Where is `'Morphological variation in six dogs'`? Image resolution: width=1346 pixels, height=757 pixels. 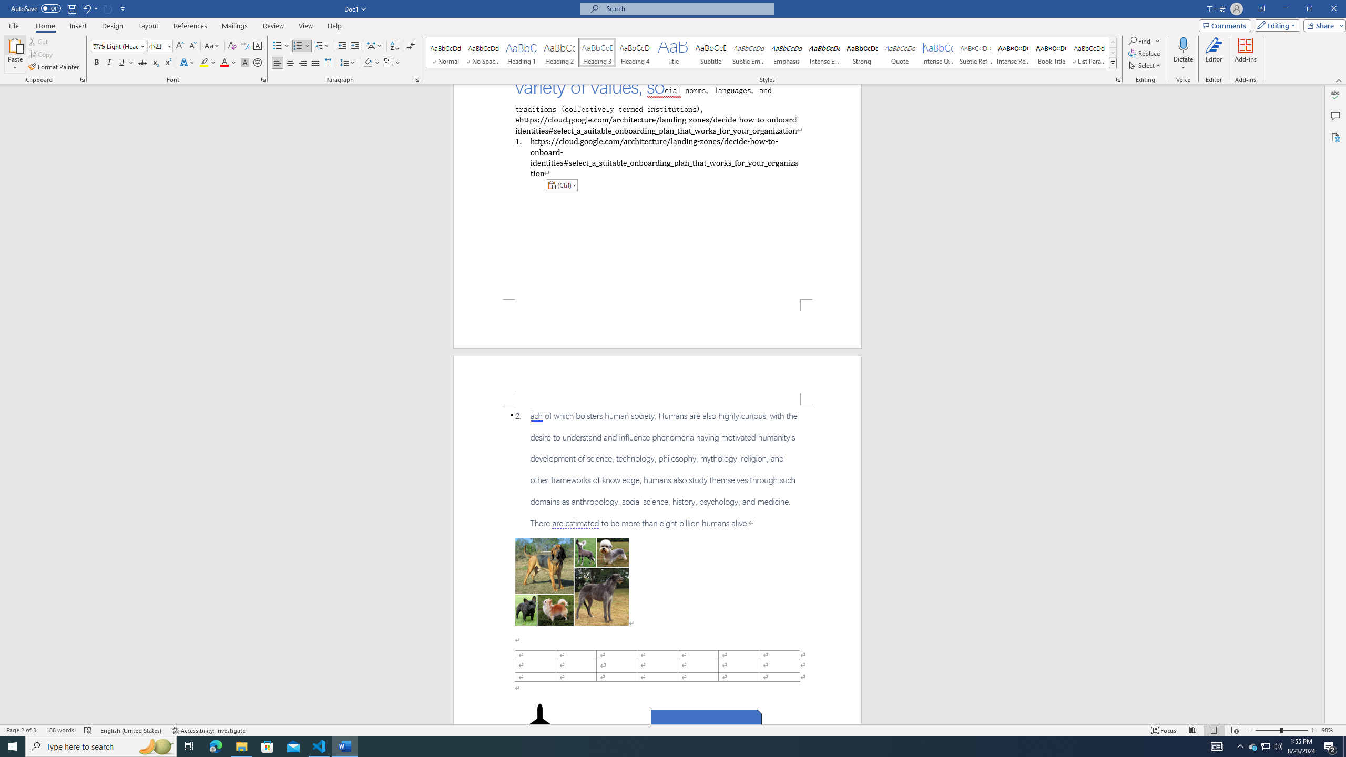 'Morphological variation in six dogs' is located at coordinates (572, 581).